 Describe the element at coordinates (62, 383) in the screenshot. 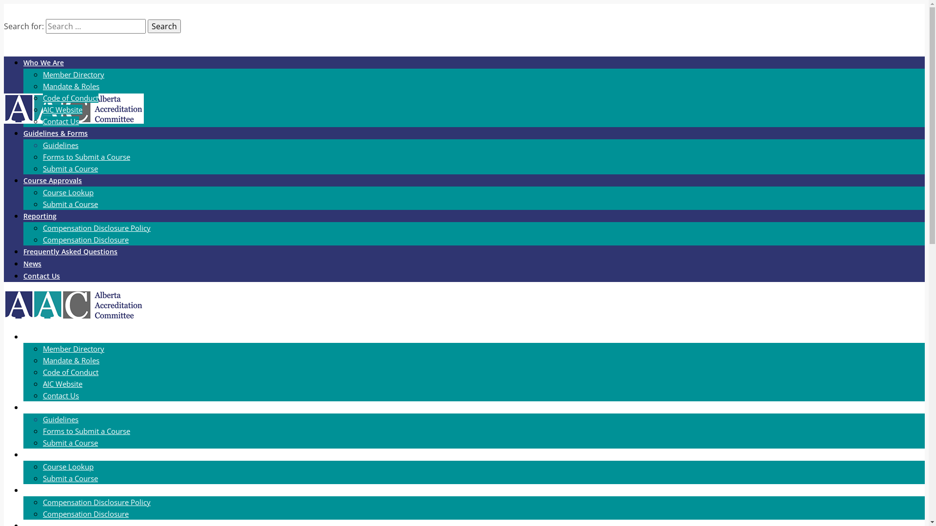

I see `'AIC Website'` at that location.